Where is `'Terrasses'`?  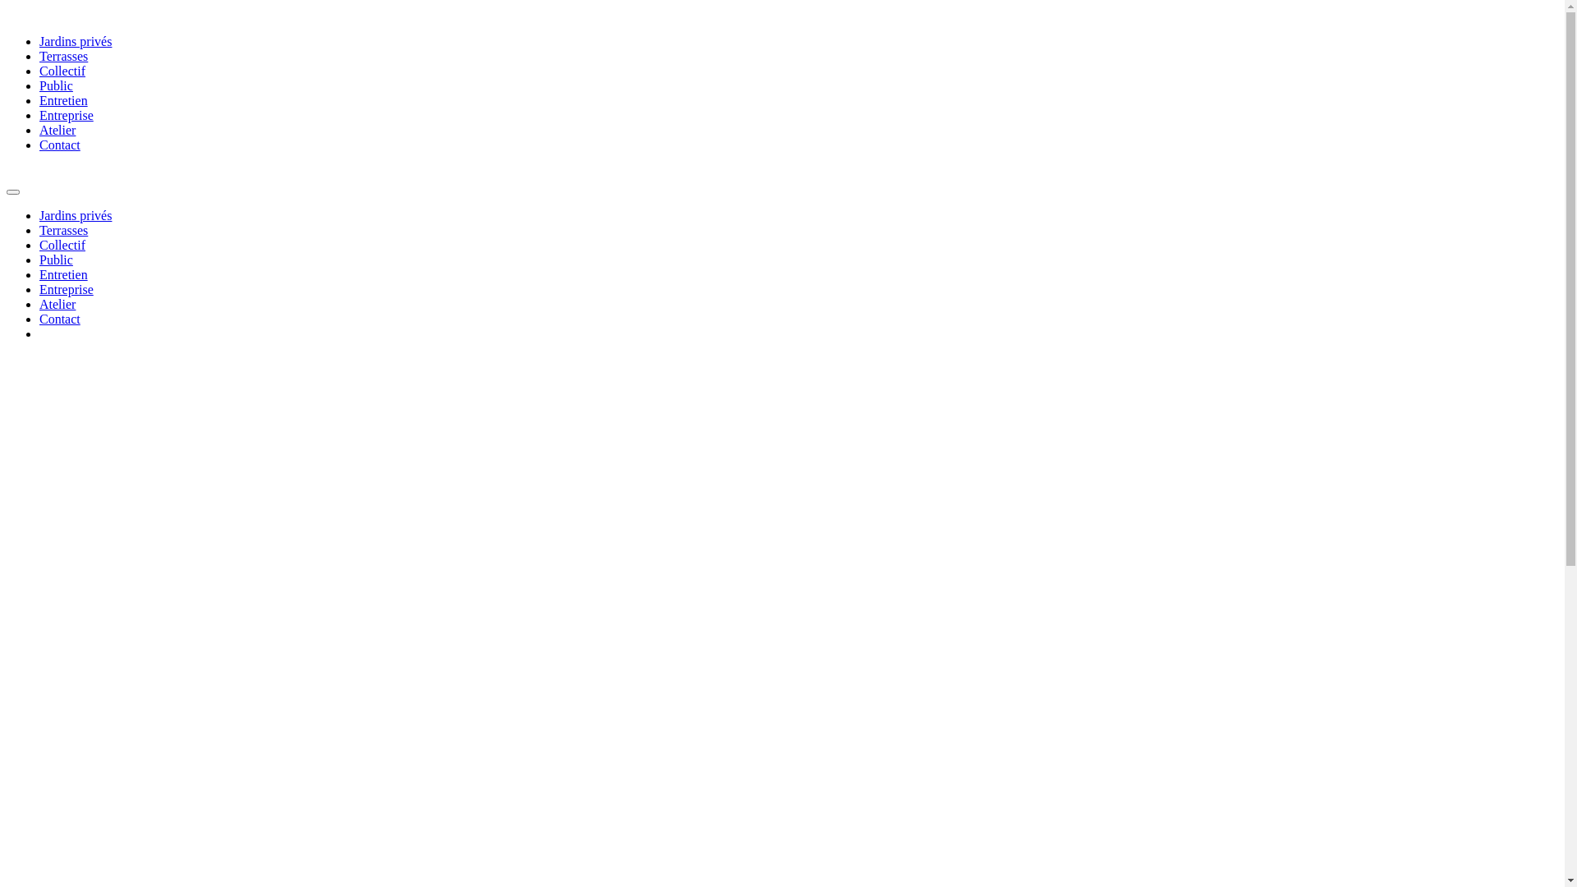 'Terrasses' is located at coordinates (63, 230).